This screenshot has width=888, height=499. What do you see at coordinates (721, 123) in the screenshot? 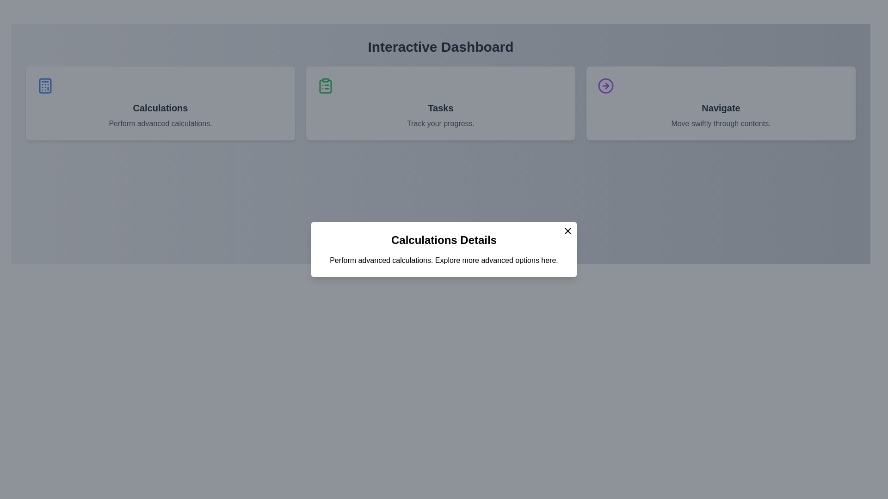
I see `the descriptive subtitle text label located beneath the 'Navigate' title and the purple circle-right-arrow icon` at bounding box center [721, 123].